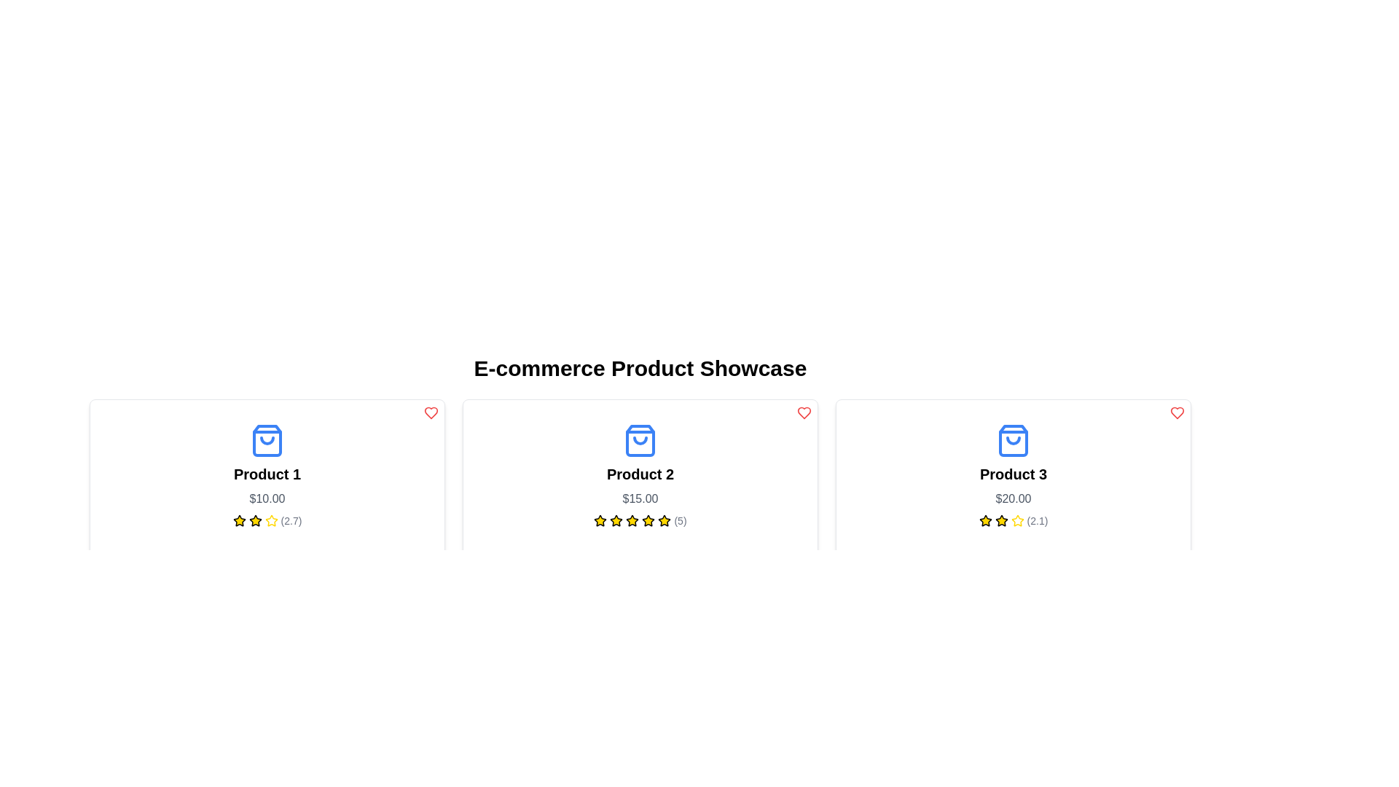 Image resolution: width=1399 pixels, height=787 pixels. What do you see at coordinates (616, 520) in the screenshot?
I see `the second star in the rating system for 'Product 2'` at bounding box center [616, 520].